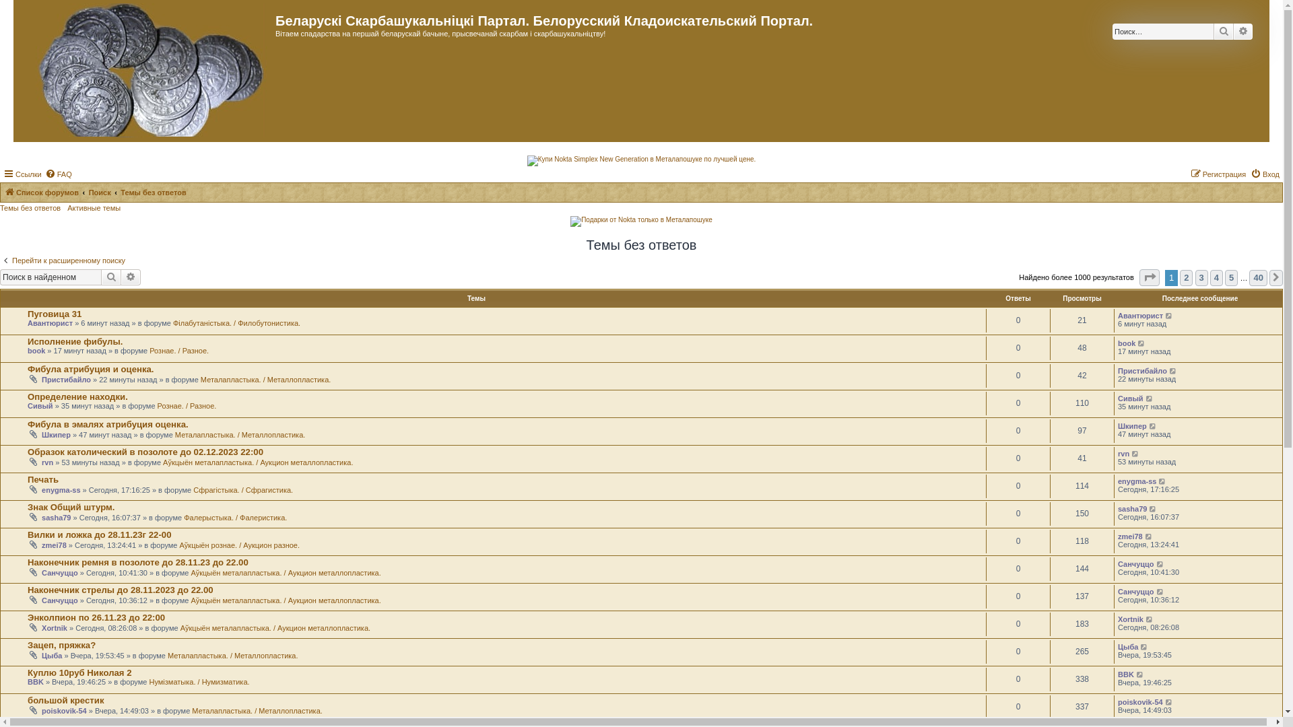 The height and width of the screenshot is (727, 1293). I want to click on 'enygma-ss', so click(60, 490).